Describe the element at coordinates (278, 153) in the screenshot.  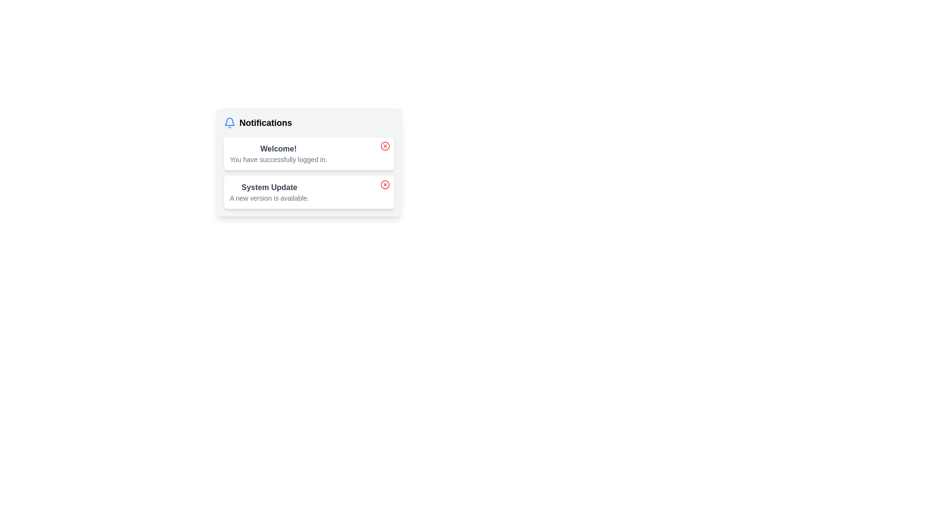
I see `the static text block that displays 'Welcome!' and 'You have successfully logged in.'` at that location.